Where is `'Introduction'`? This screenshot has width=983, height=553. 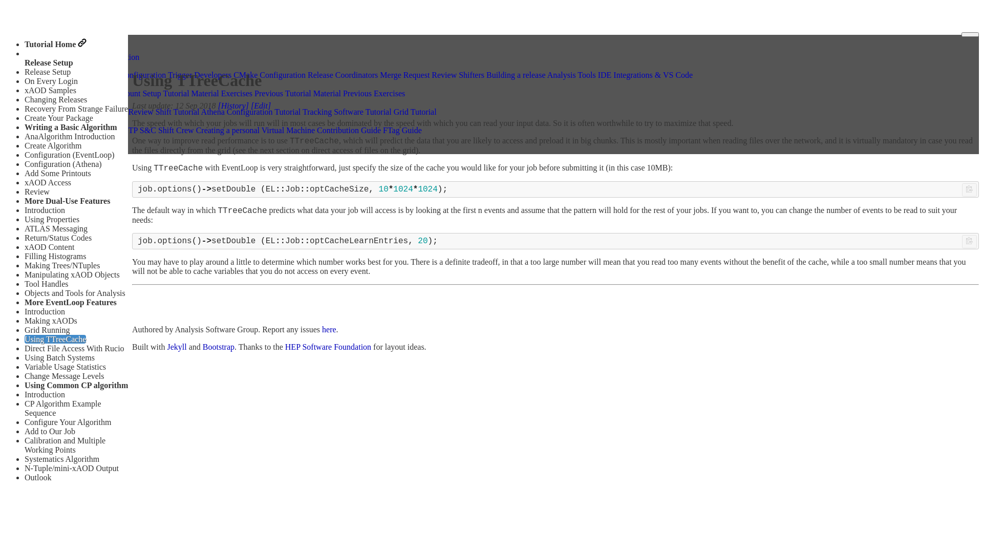
'Introduction' is located at coordinates (44, 311).